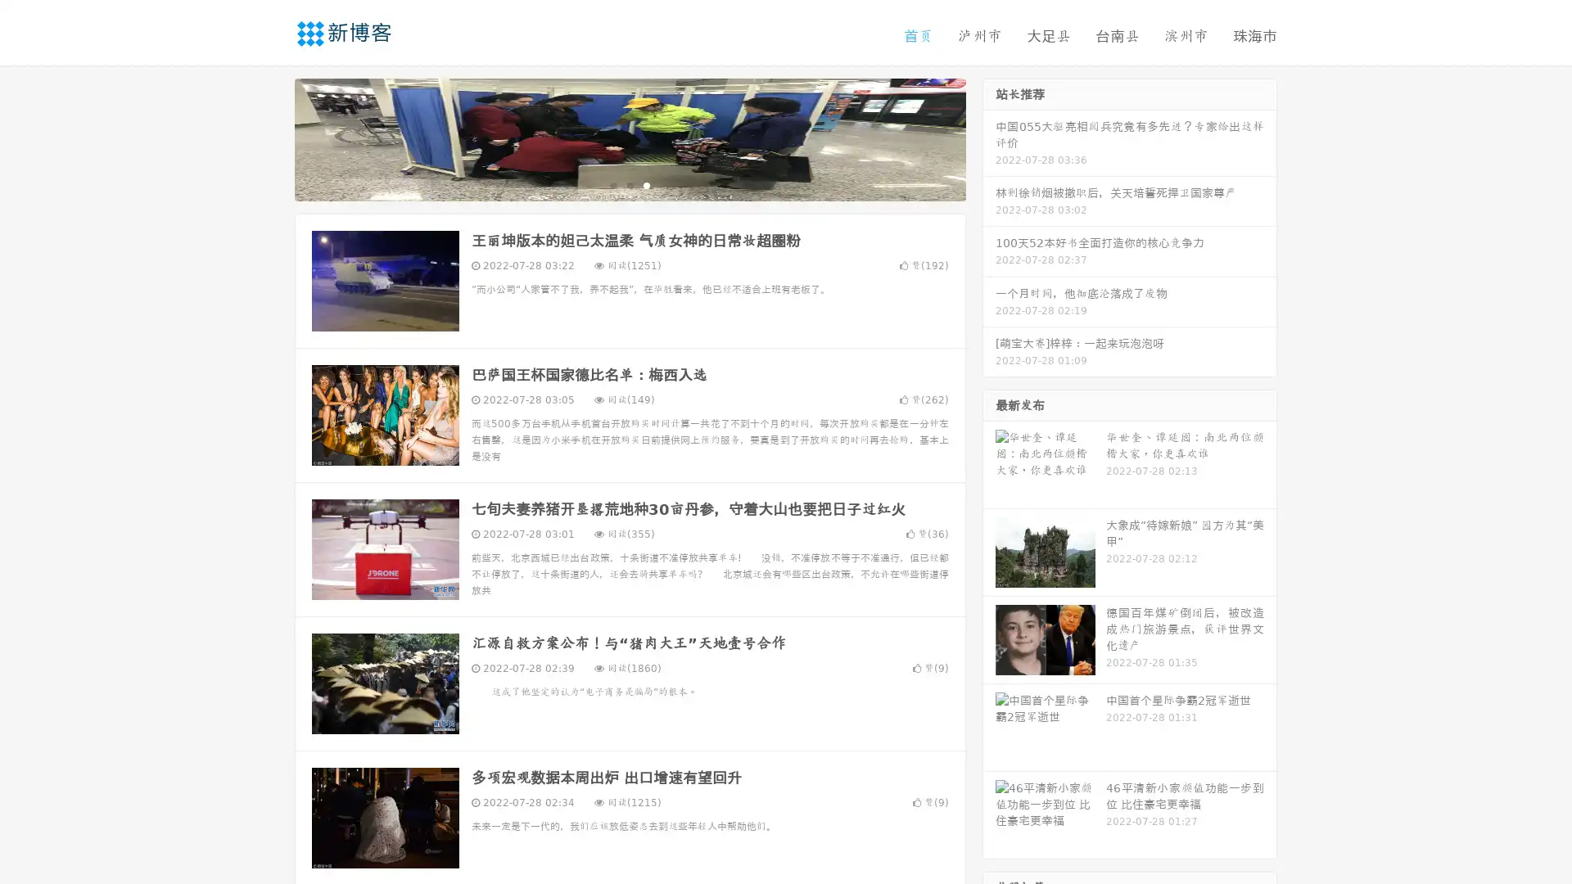  What do you see at coordinates (989, 138) in the screenshot?
I see `Next slide` at bounding box center [989, 138].